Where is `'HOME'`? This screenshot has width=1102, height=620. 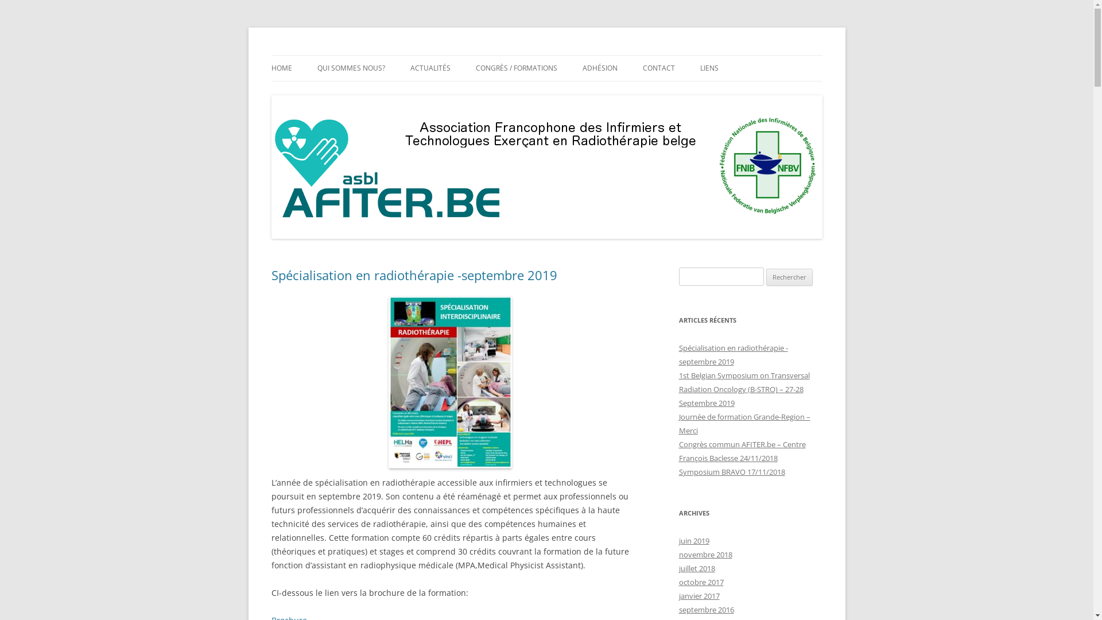 'HOME' is located at coordinates (270, 68).